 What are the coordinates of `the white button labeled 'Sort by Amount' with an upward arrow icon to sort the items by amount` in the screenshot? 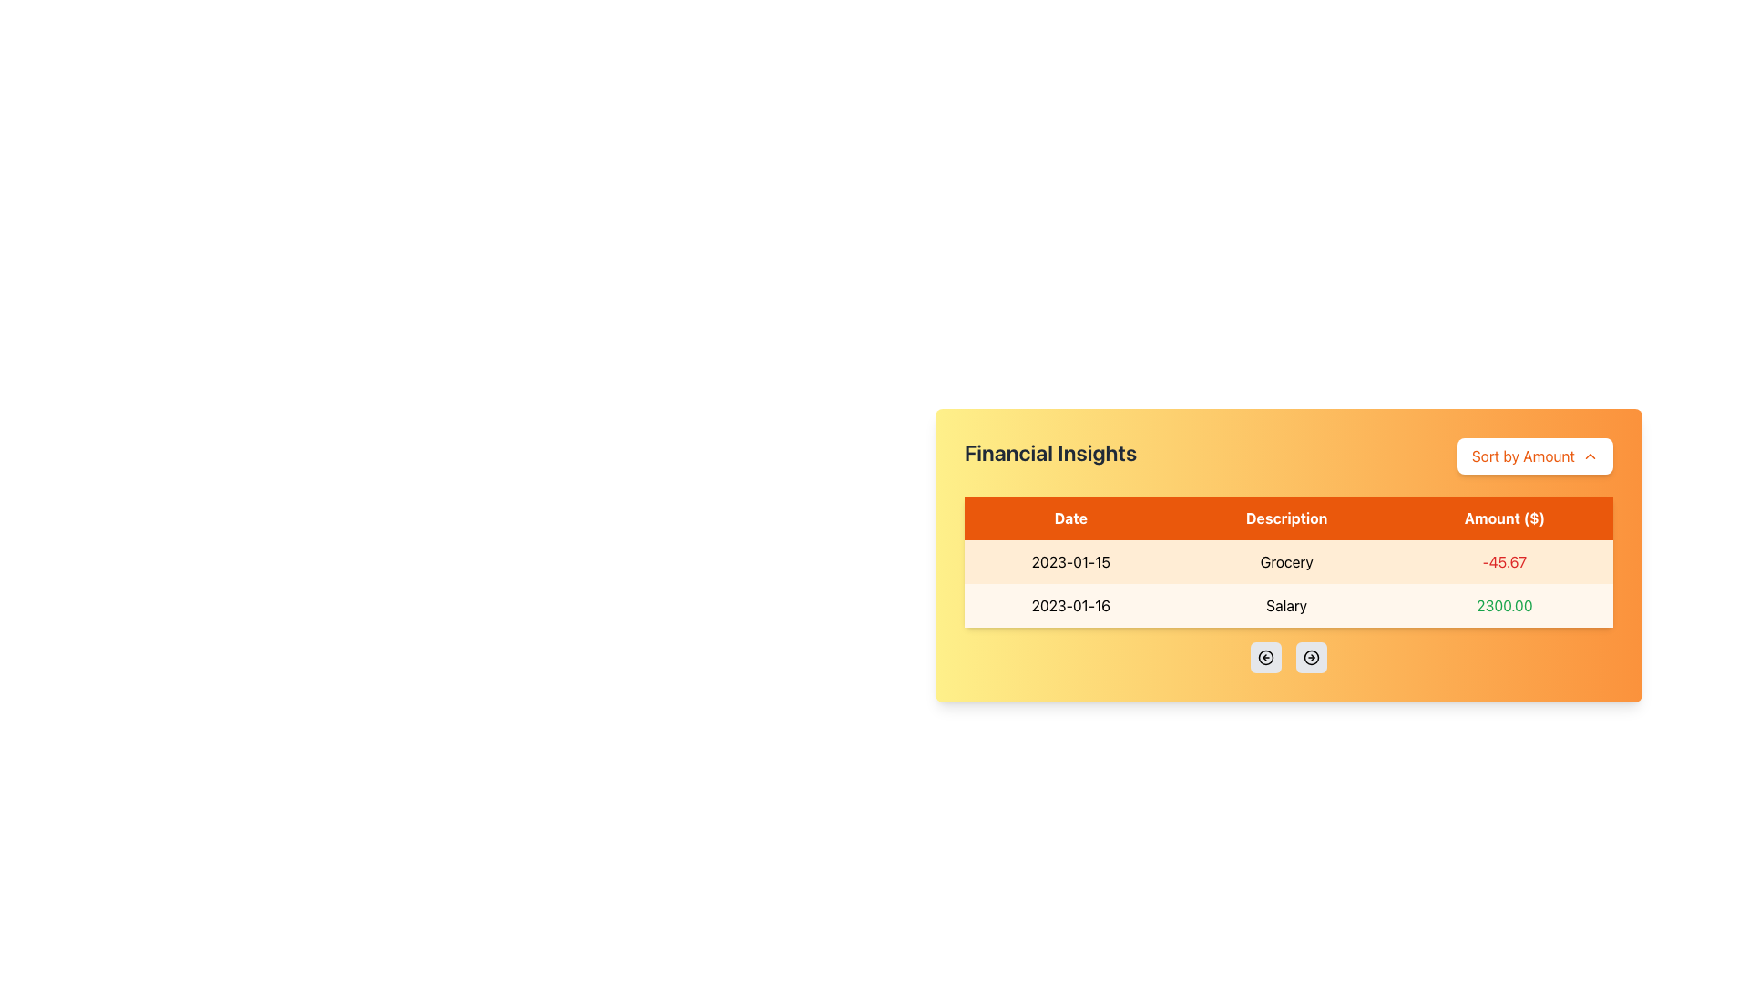 It's located at (1534, 456).